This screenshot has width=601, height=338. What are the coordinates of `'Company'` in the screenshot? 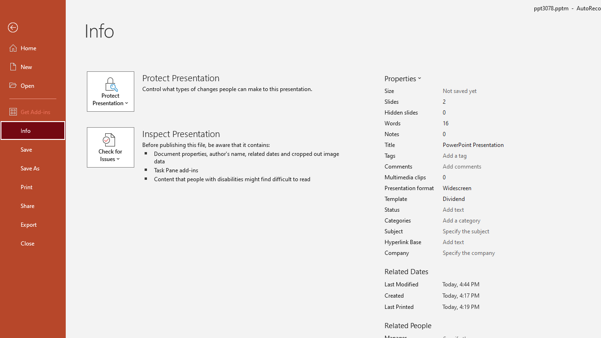 It's located at (475, 253).